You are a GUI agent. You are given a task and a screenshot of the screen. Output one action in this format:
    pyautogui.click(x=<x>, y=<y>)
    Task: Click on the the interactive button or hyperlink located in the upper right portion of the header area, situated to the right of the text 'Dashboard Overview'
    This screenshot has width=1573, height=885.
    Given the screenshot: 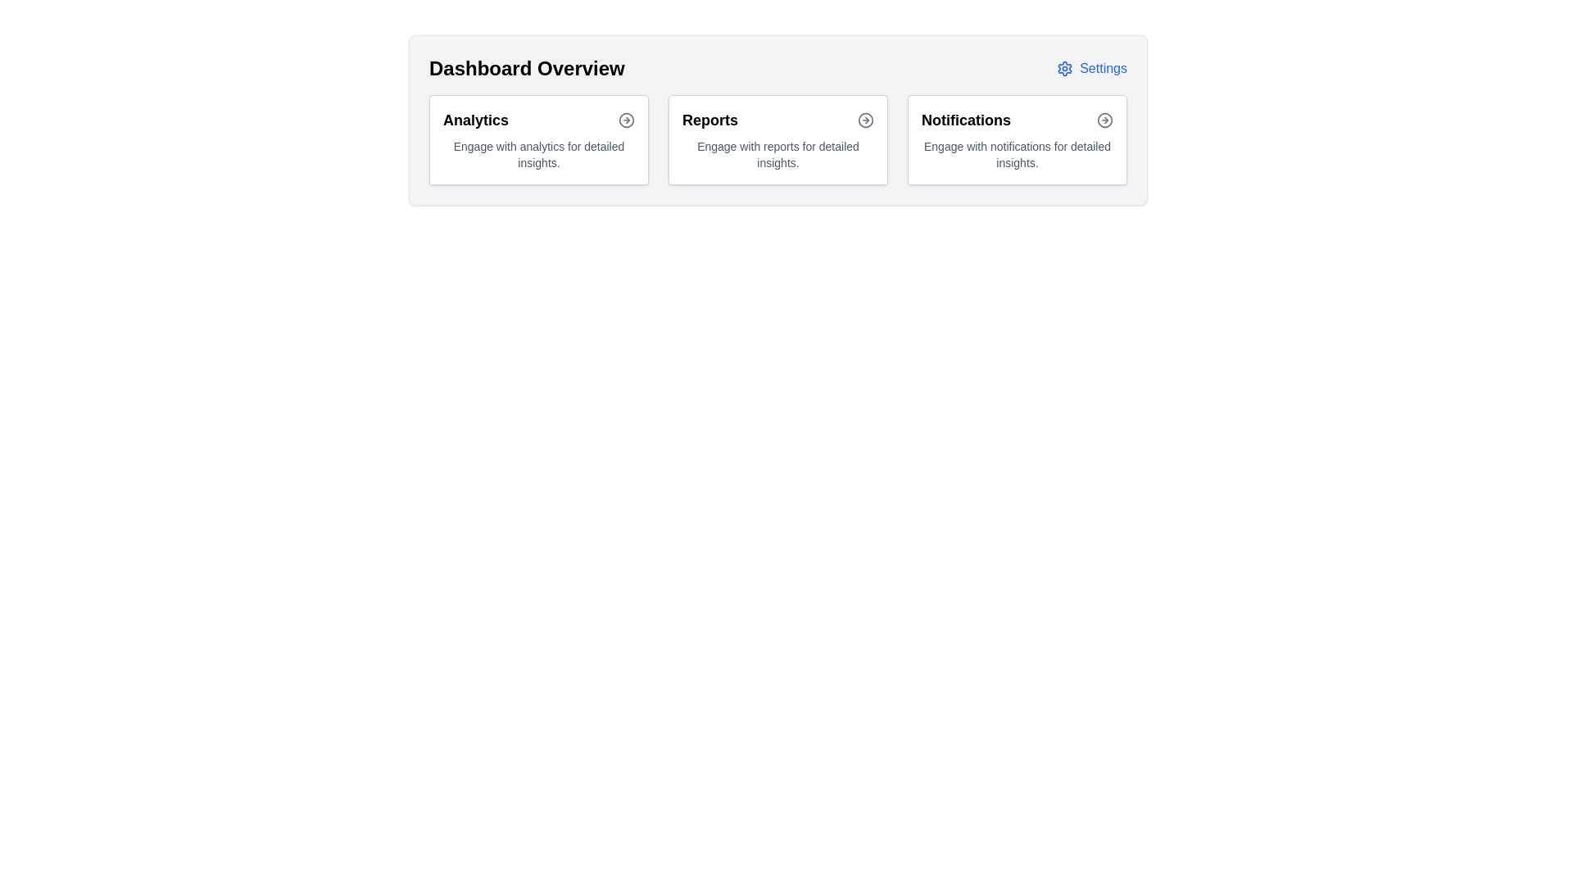 What is the action you would take?
    pyautogui.click(x=1092, y=68)
    